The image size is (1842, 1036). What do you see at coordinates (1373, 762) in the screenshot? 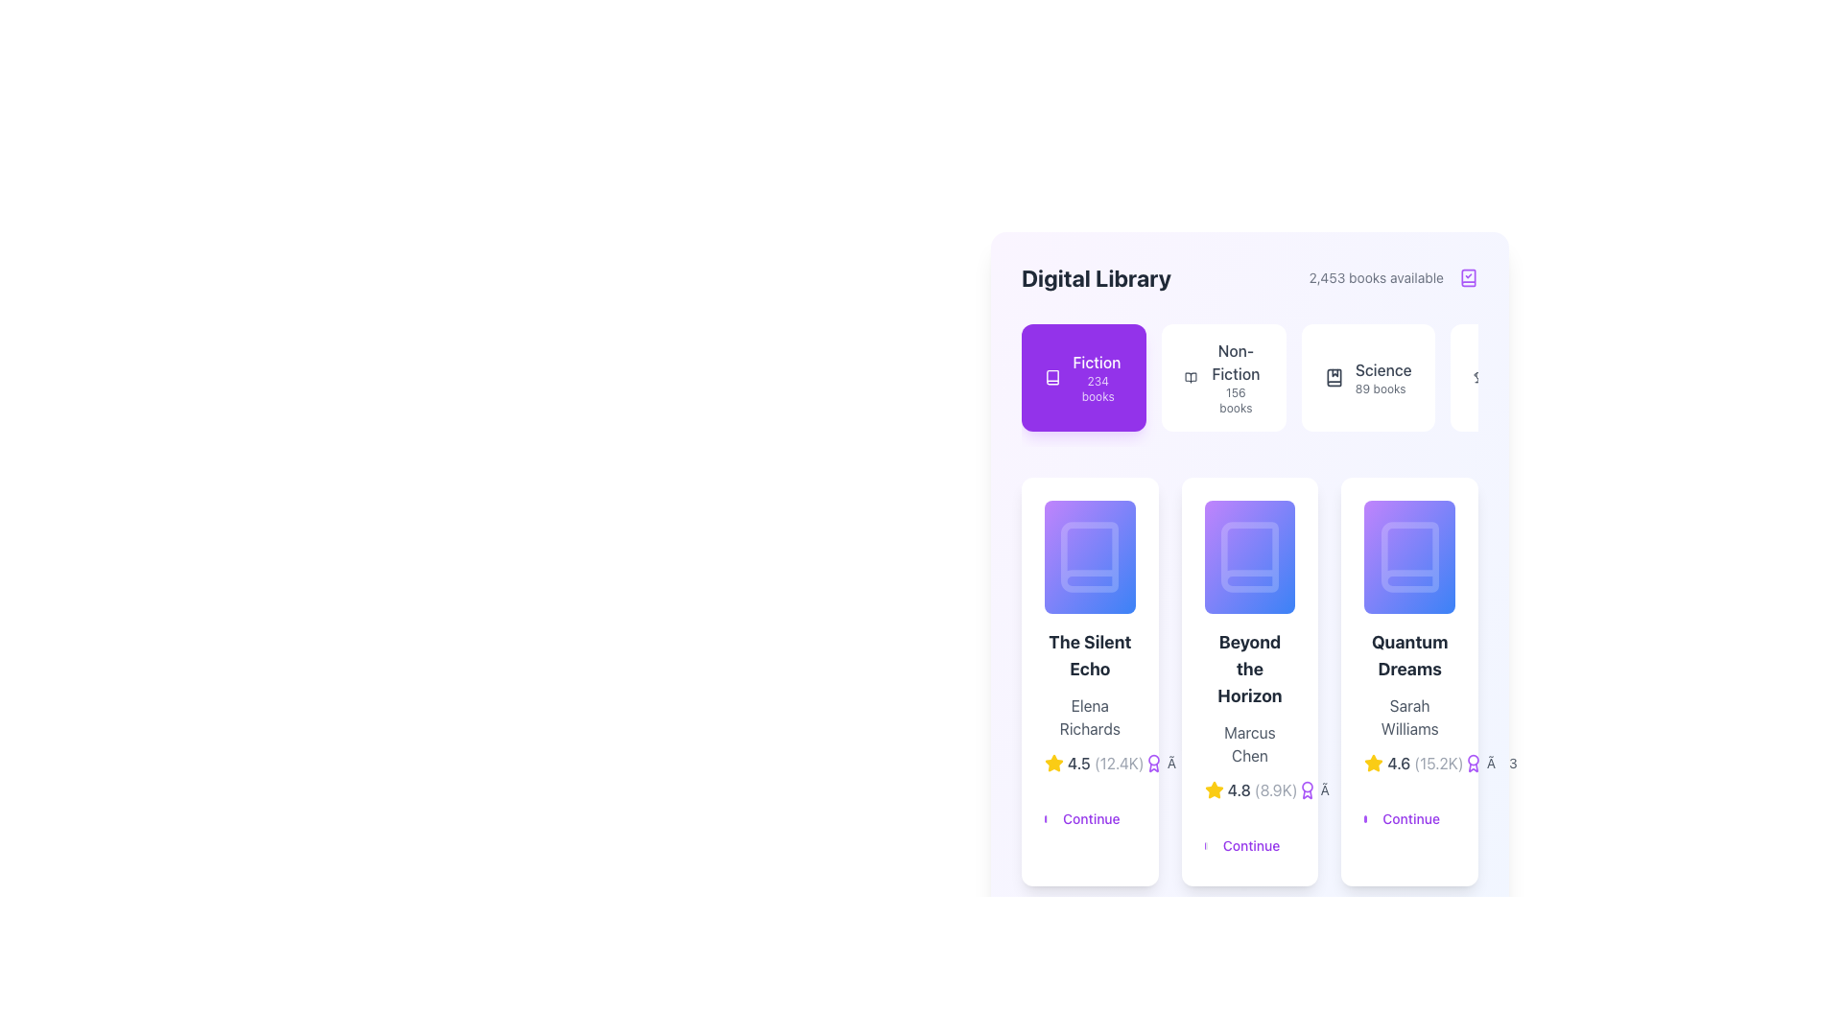
I see `the yellow star-shaped rating icon located below the book entry 'Quantum Dreams' by Sarah Williams, next to the rating value of 4.6` at bounding box center [1373, 762].